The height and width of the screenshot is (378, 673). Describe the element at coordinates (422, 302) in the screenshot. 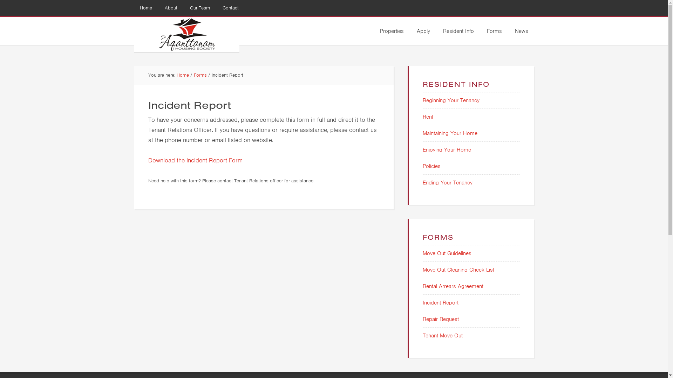

I see `'Incident Report'` at that location.